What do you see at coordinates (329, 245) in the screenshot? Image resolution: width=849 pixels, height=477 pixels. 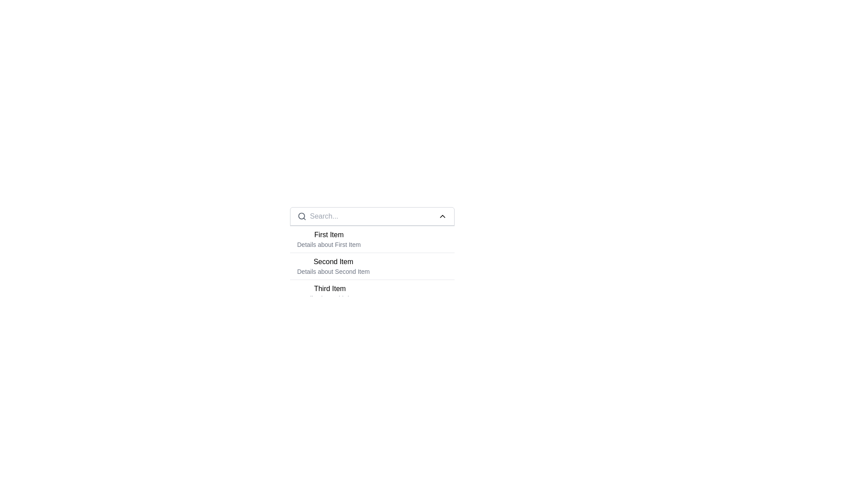 I see `the static text element displaying 'Details about First Item', which is styled in a smaller gray font and positioned directly below the bolded text 'First Item'` at bounding box center [329, 245].